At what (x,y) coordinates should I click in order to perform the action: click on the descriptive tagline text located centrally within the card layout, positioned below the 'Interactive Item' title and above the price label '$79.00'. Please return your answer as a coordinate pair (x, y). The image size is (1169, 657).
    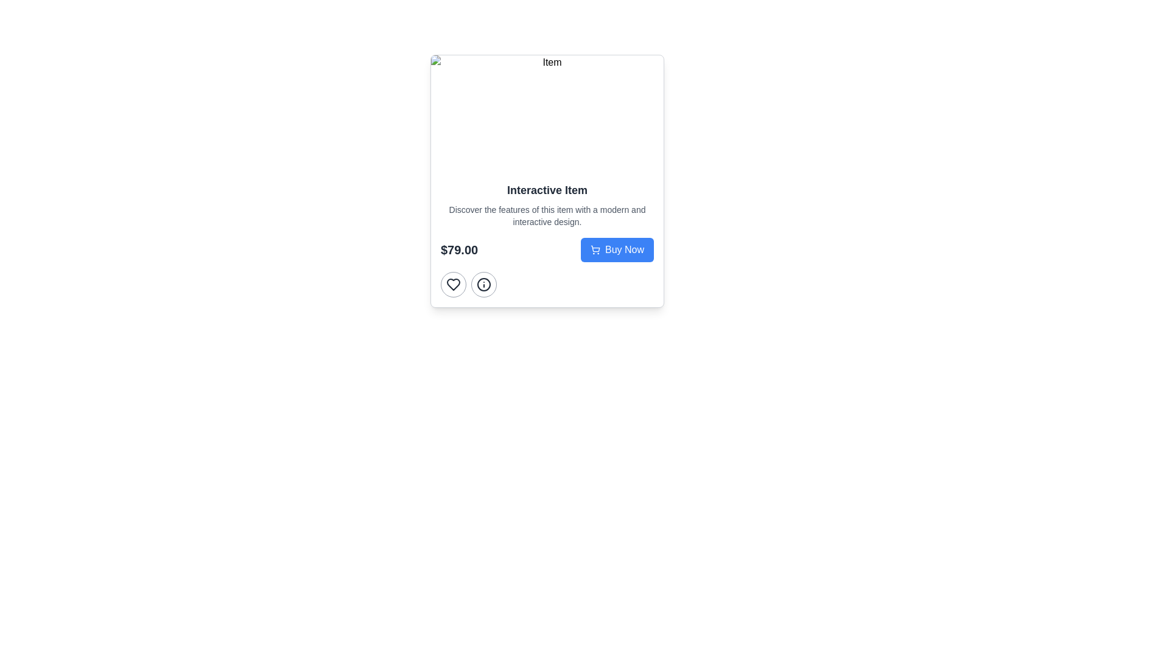
    Looking at the image, I should click on (546, 215).